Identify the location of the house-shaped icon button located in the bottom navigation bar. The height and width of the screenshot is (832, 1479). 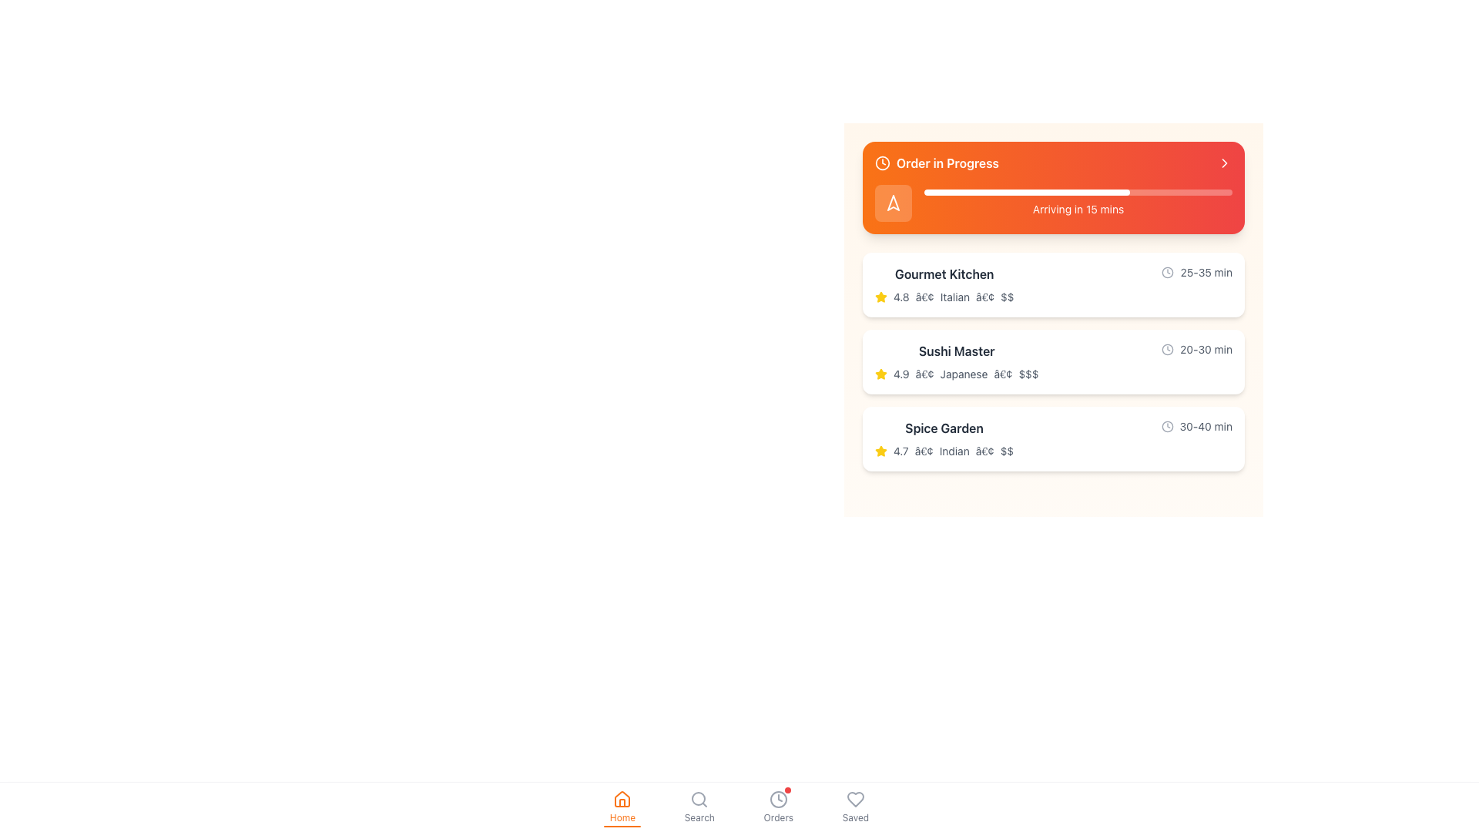
(622, 798).